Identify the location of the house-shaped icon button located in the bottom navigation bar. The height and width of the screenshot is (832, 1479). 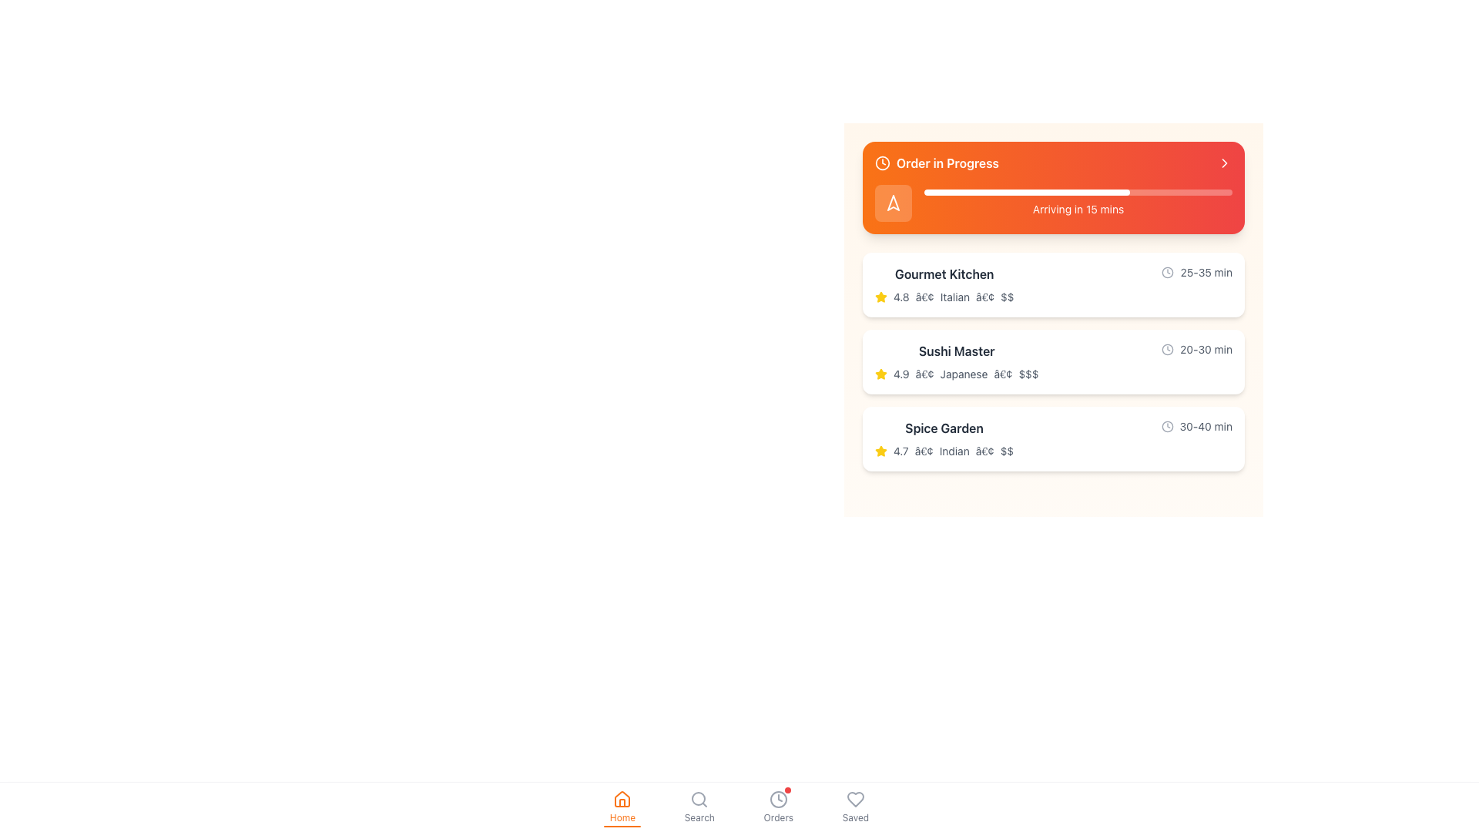
(622, 798).